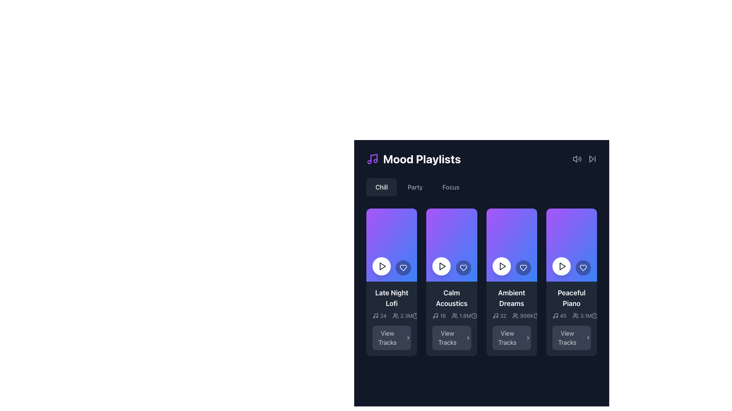  What do you see at coordinates (583, 268) in the screenshot?
I see `the circular button with a dark, semi-transparent background and a white heart outline` at bounding box center [583, 268].